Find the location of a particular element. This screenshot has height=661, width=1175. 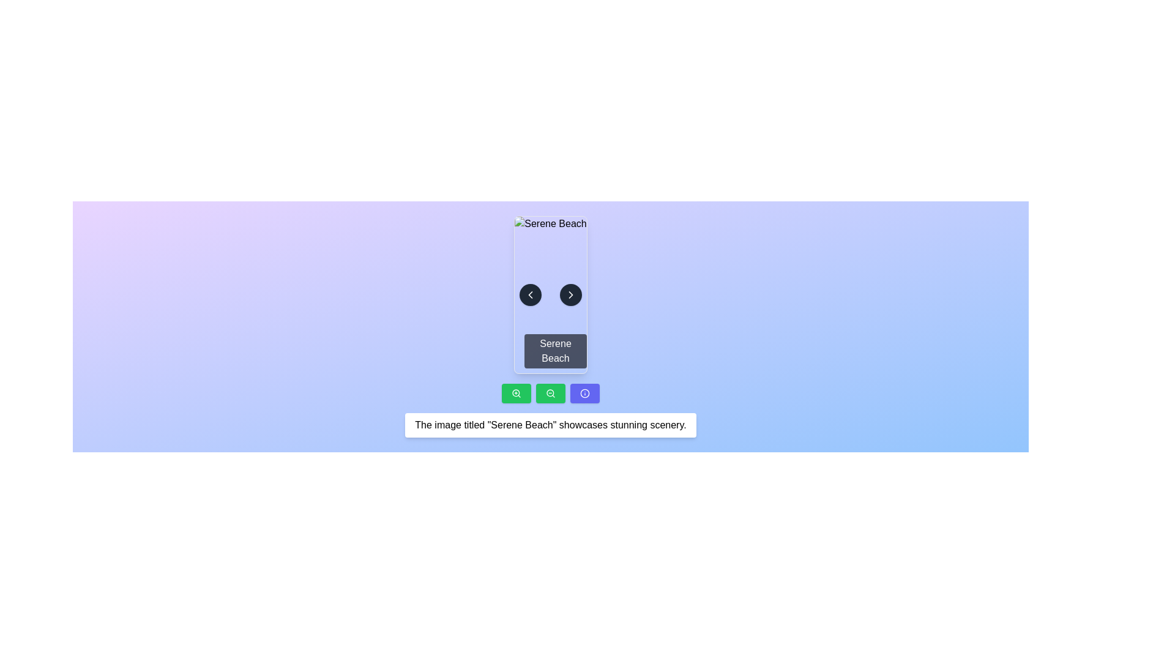

the first button in the group of three buttons to zoom in on the content or image displayed above is located at coordinates (517, 394).